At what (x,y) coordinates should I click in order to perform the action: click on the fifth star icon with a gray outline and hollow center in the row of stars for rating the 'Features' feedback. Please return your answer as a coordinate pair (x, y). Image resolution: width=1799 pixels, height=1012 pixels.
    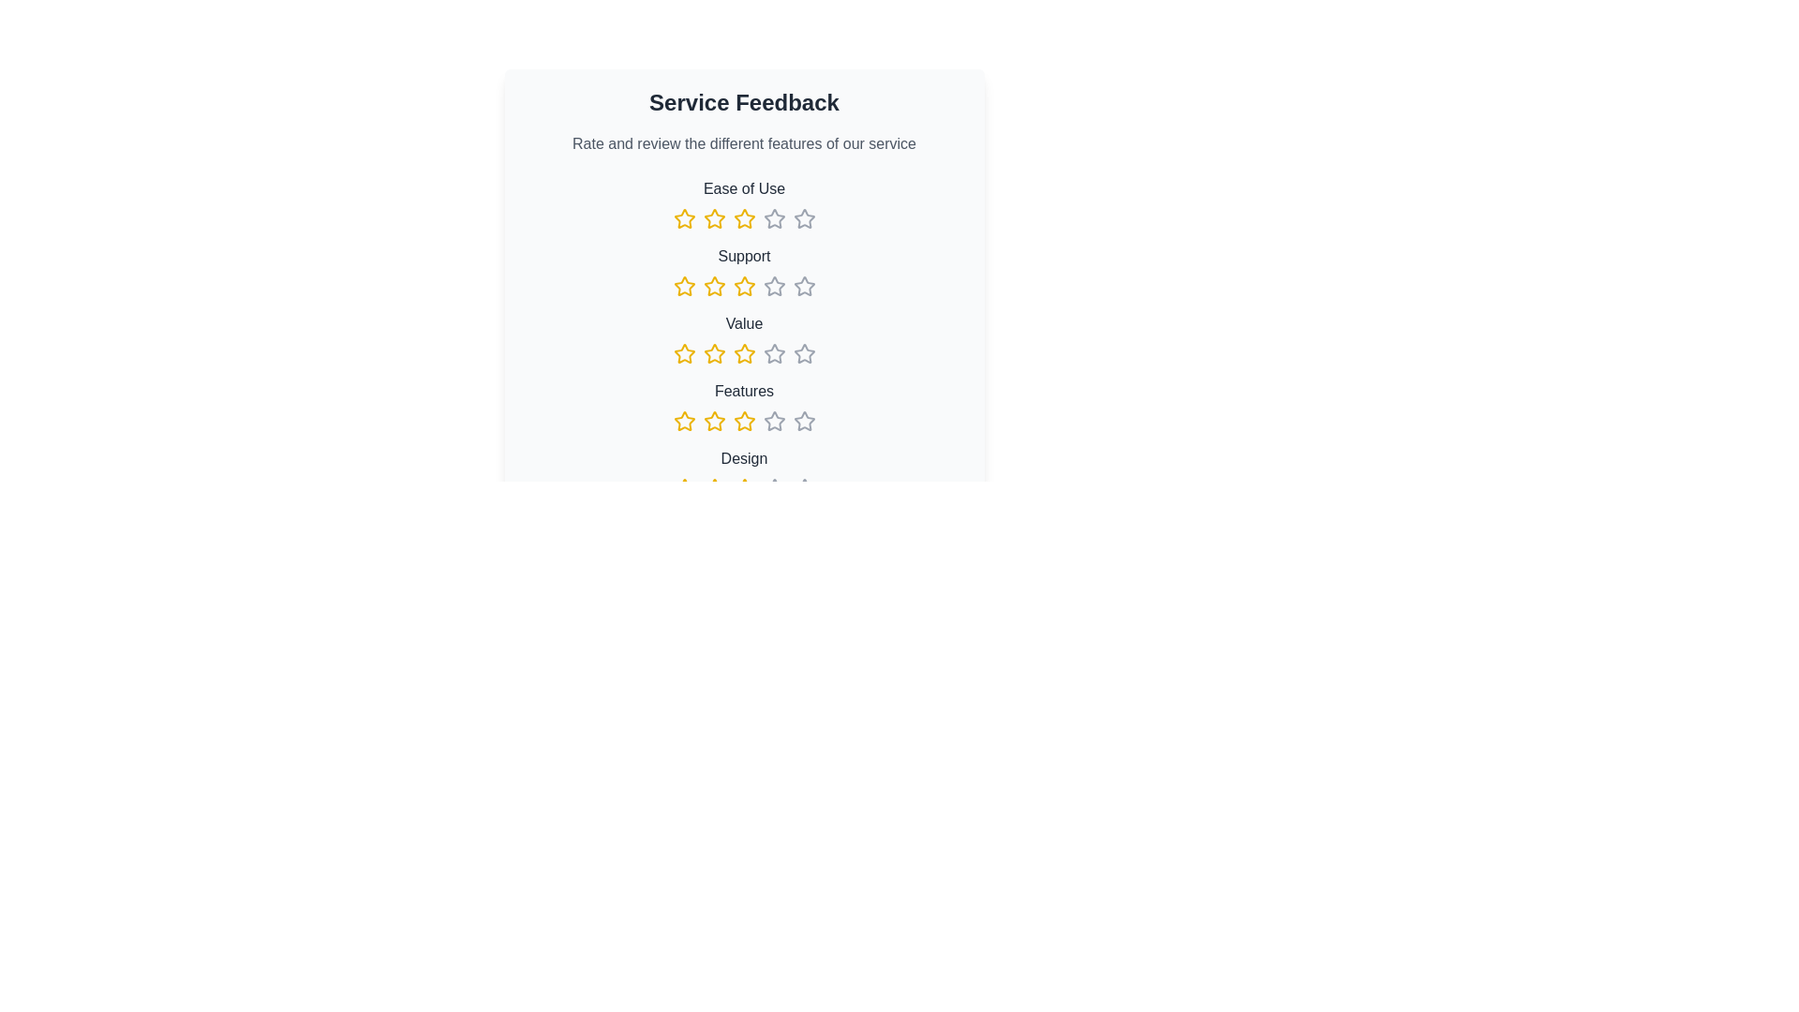
    Looking at the image, I should click on (804, 422).